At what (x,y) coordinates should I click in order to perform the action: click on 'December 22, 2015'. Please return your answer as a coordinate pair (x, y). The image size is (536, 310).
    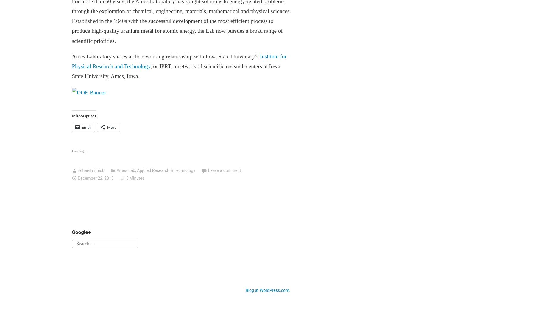
    Looking at the image, I should click on (95, 177).